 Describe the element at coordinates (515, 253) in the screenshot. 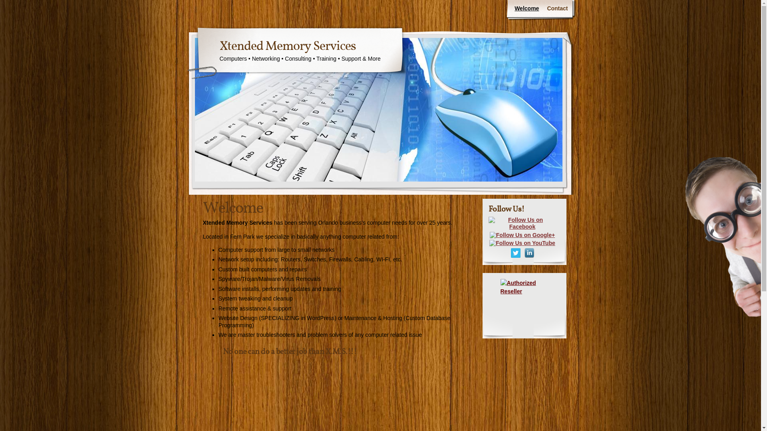

I see `'Follow Us on Twitter'` at that location.